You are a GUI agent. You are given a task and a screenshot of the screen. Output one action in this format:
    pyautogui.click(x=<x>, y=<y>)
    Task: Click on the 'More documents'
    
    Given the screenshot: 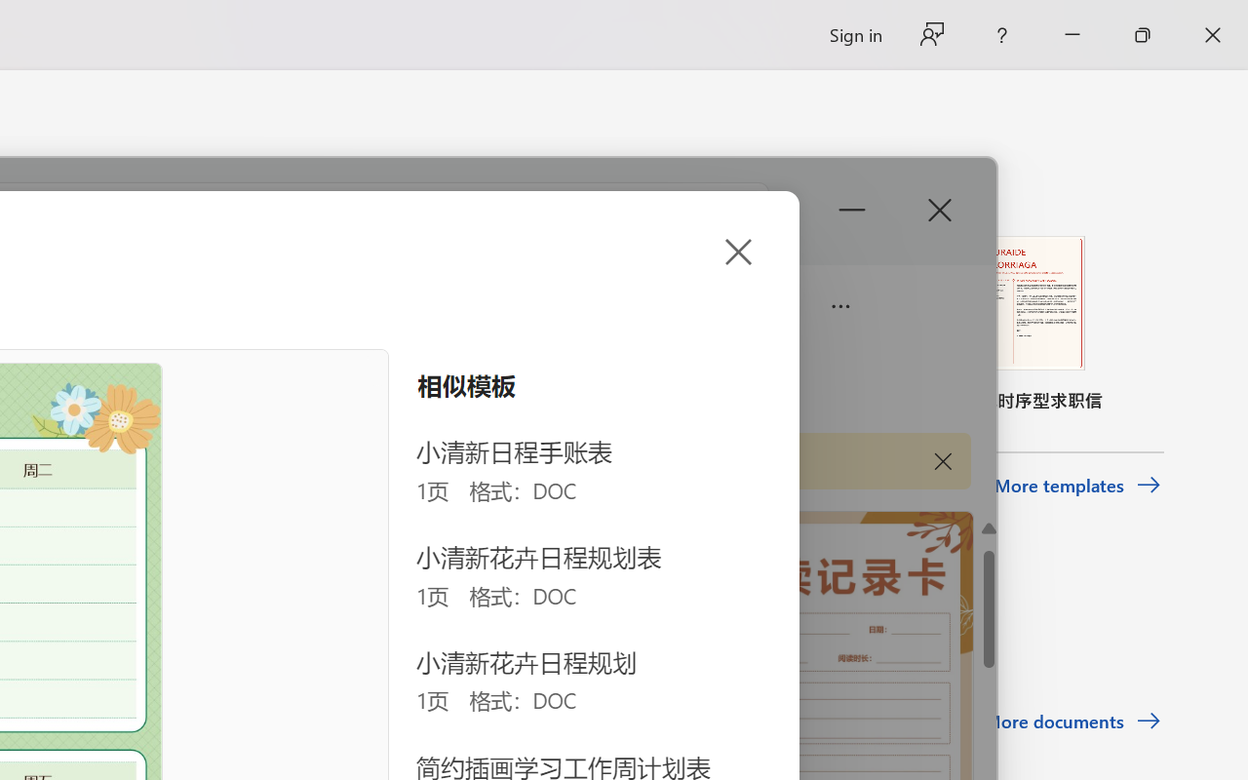 What is the action you would take?
    pyautogui.click(x=1072, y=721)
    